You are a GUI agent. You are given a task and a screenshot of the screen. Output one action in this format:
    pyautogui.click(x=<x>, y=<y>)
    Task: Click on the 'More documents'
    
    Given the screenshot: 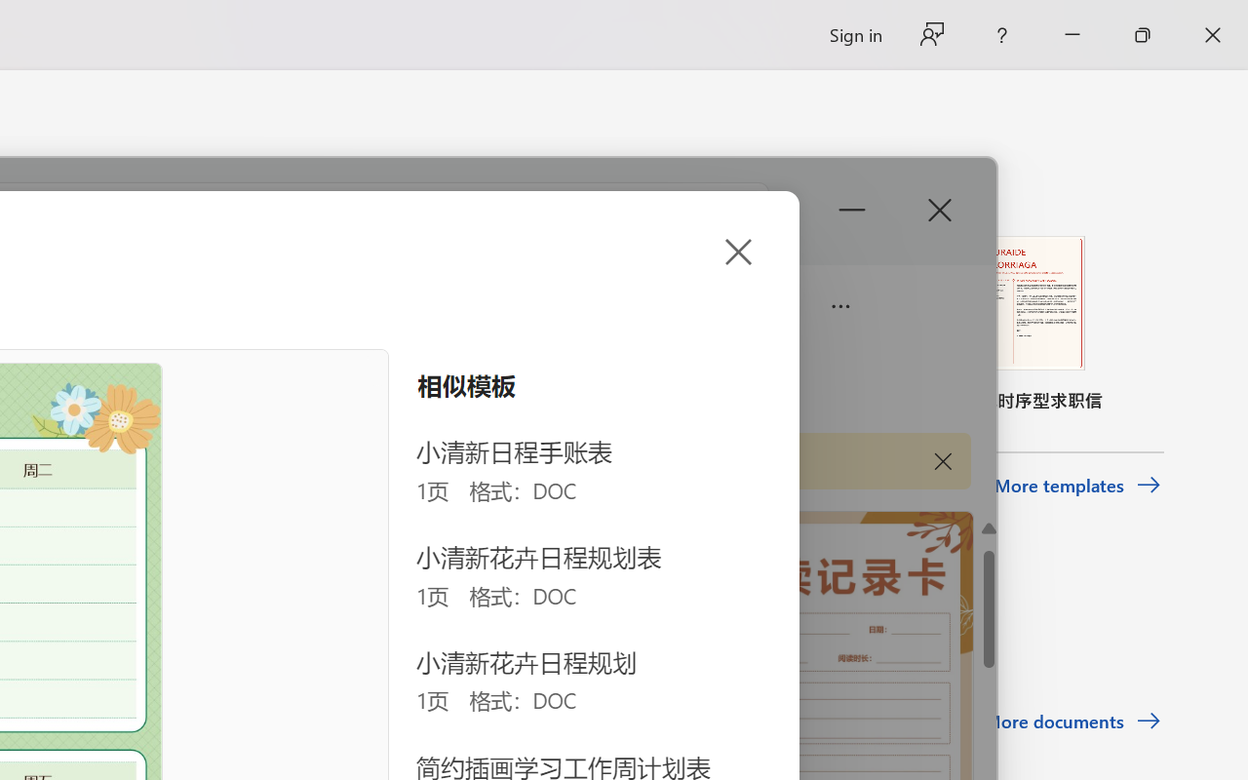 What is the action you would take?
    pyautogui.click(x=1072, y=721)
    